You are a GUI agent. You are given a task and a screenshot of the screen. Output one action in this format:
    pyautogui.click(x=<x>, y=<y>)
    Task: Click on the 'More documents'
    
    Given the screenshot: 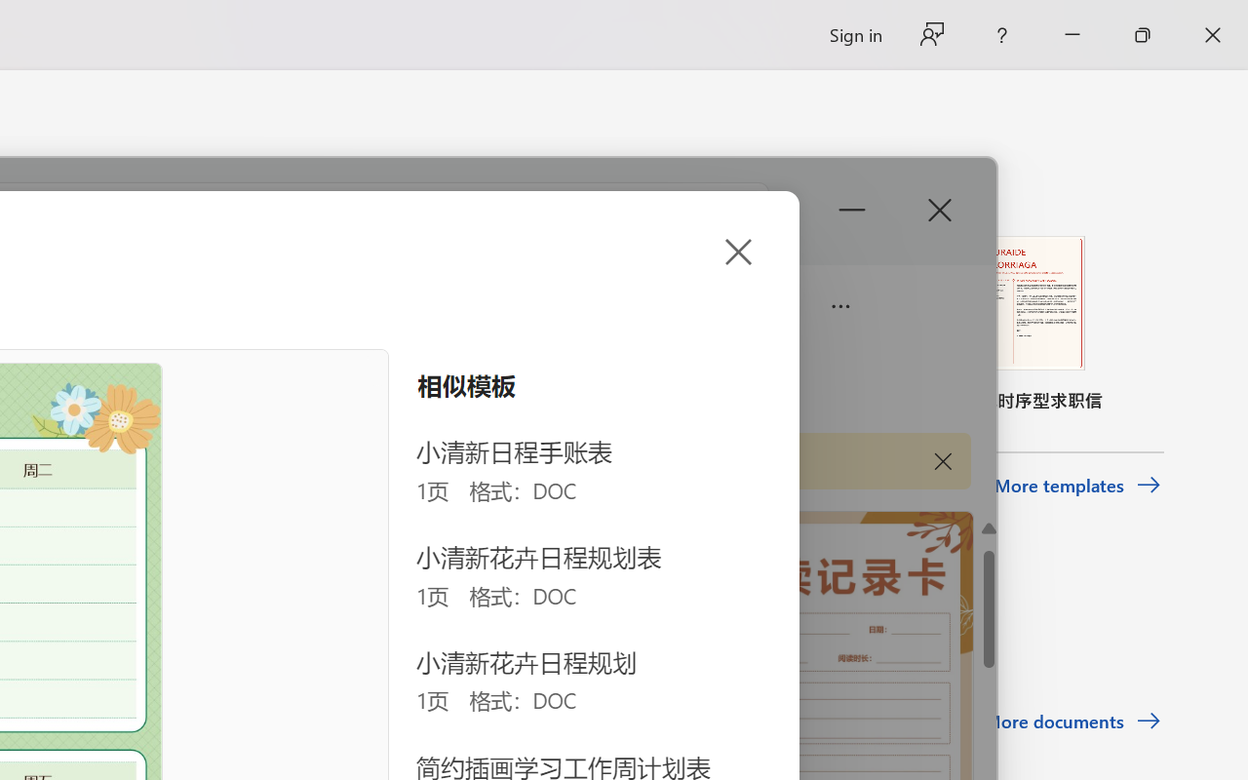 What is the action you would take?
    pyautogui.click(x=1072, y=721)
    